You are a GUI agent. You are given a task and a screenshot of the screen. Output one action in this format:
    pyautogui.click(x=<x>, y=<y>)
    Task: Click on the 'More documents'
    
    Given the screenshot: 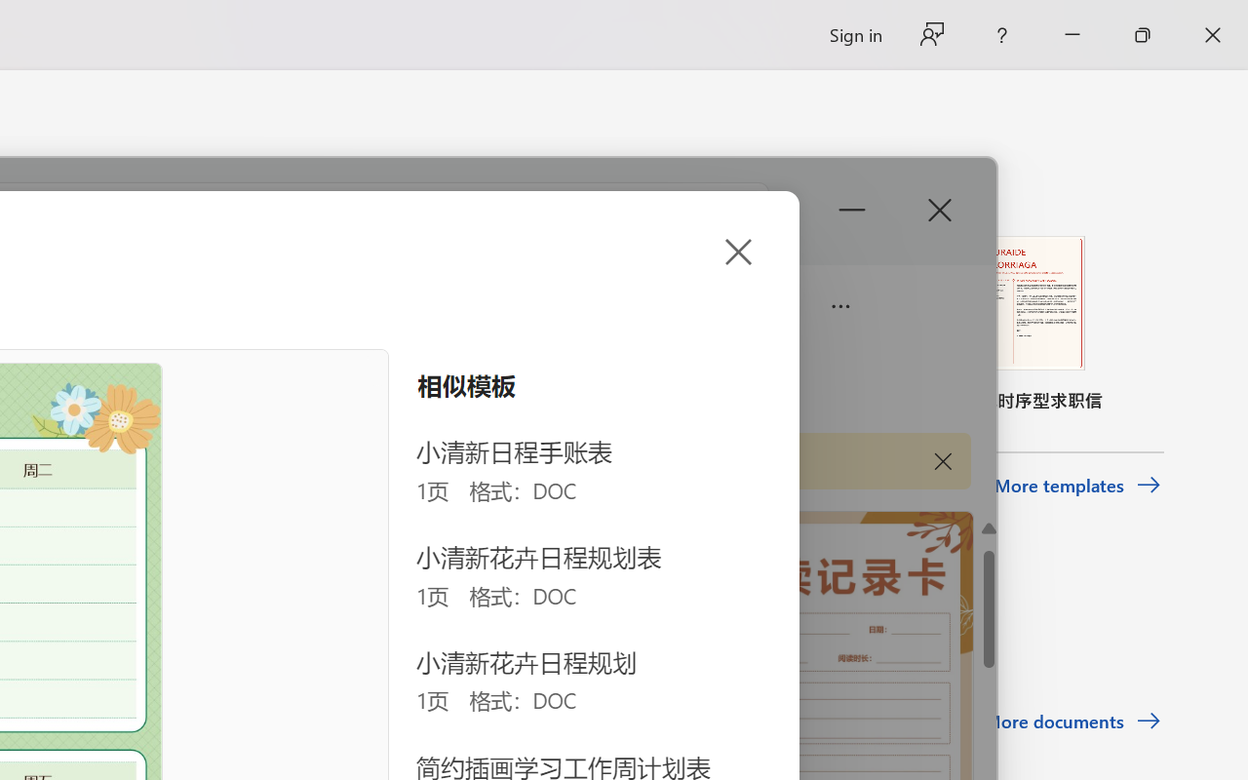 What is the action you would take?
    pyautogui.click(x=1072, y=721)
    